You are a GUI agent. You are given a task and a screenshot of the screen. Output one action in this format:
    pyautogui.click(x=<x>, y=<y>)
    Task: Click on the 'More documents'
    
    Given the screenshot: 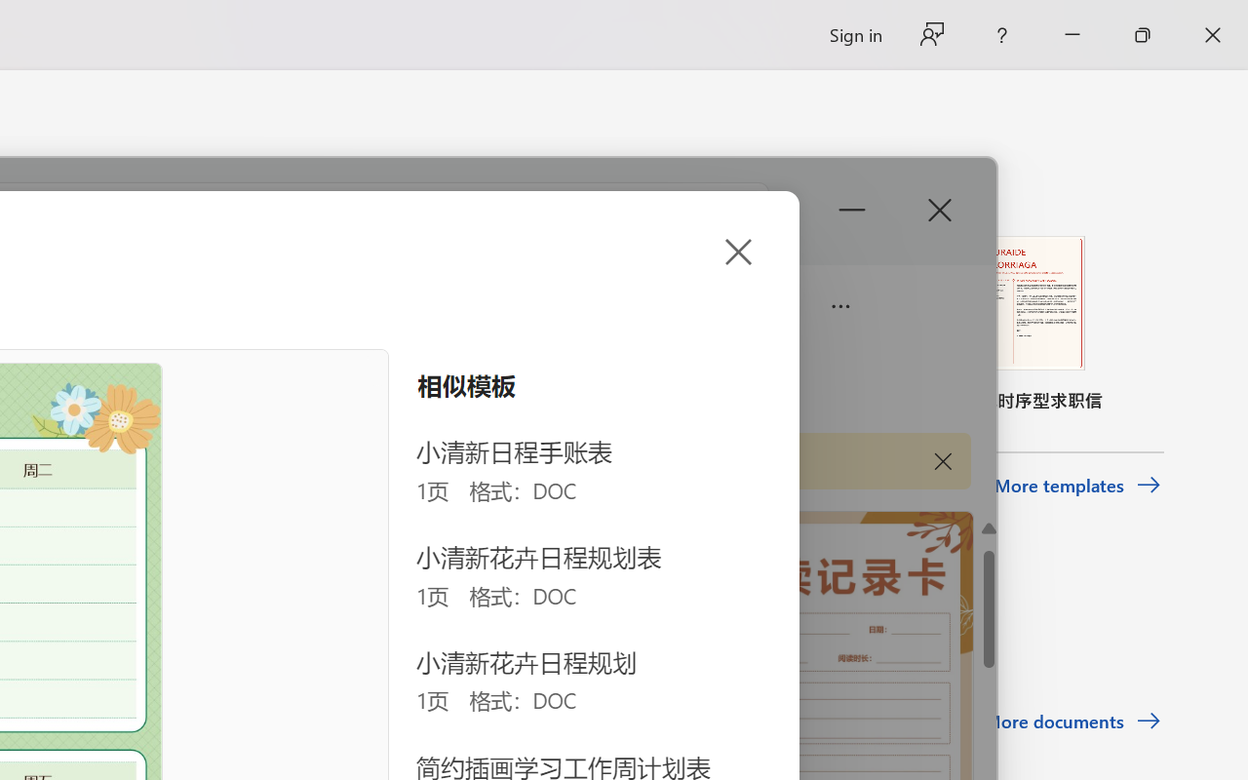 What is the action you would take?
    pyautogui.click(x=1072, y=721)
    